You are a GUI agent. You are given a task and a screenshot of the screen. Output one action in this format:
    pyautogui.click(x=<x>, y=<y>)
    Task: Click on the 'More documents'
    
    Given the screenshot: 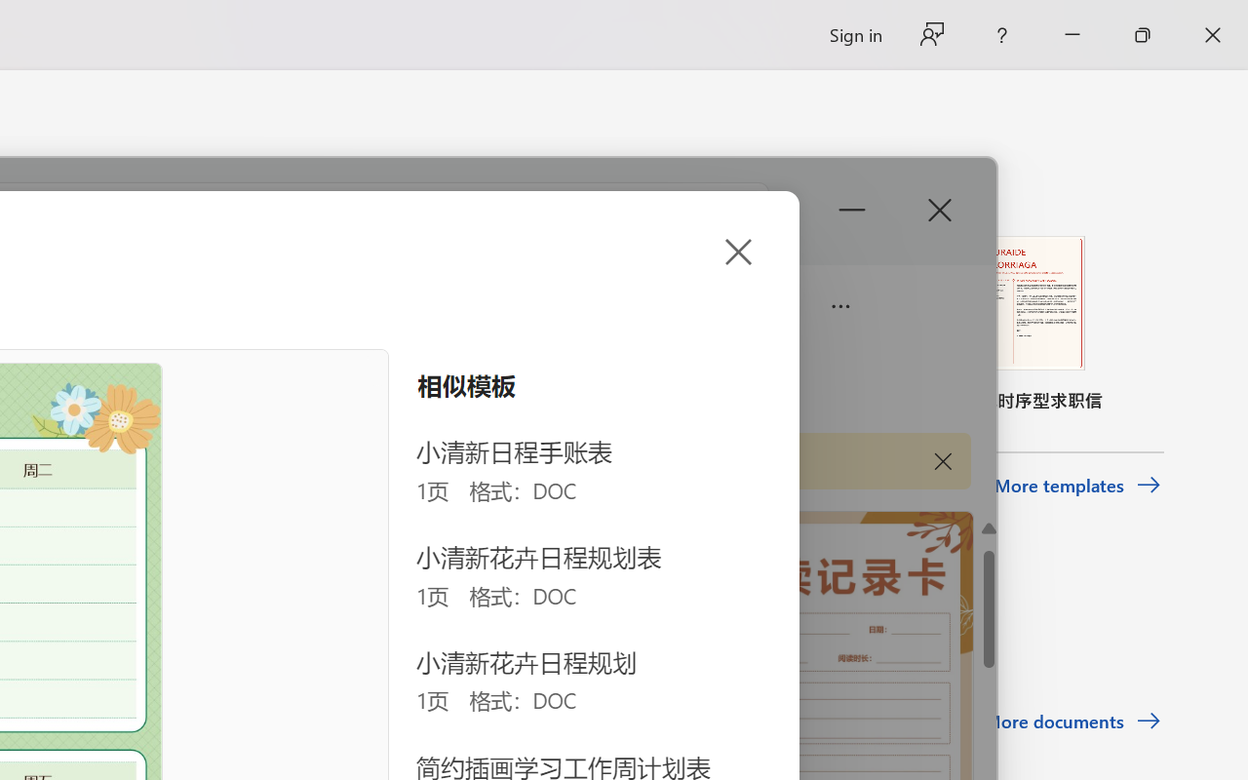 What is the action you would take?
    pyautogui.click(x=1072, y=721)
    